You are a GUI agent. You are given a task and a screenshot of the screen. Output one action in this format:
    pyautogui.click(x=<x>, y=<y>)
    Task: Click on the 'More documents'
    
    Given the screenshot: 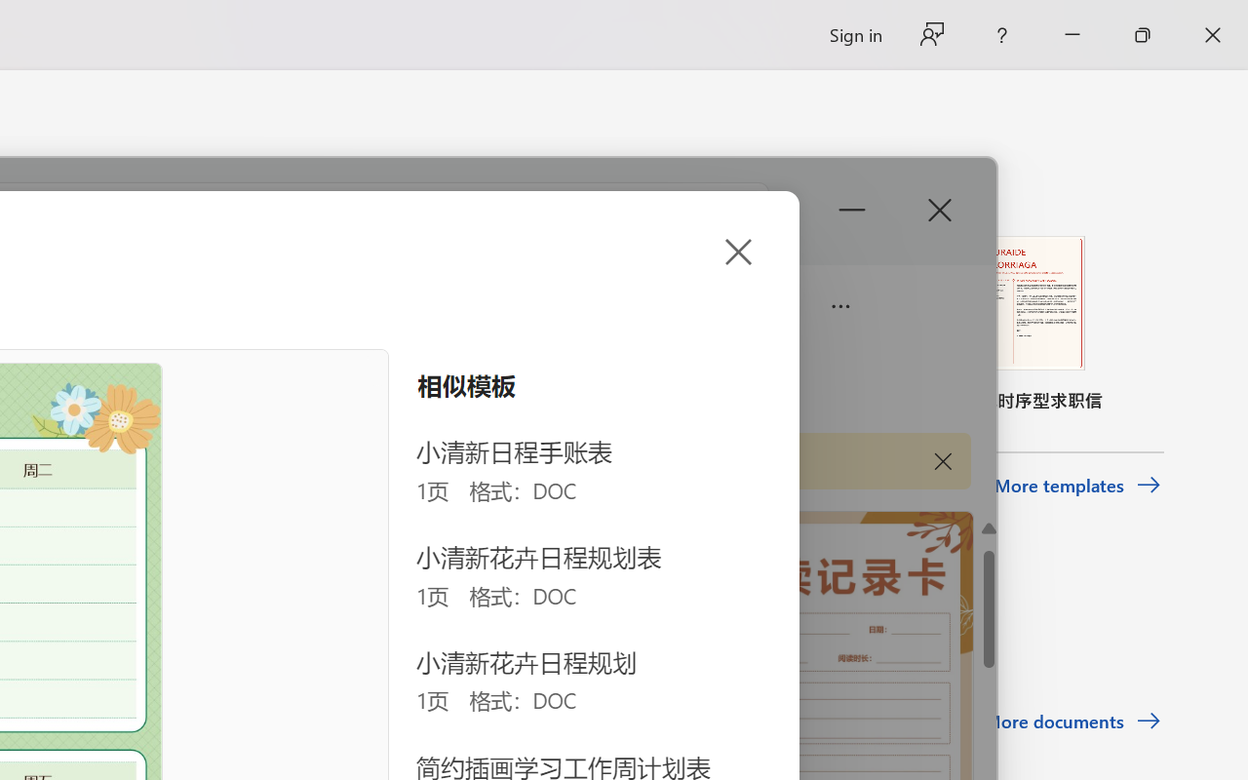 What is the action you would take?
    pyautogui.click(x=1072, y=721)
    